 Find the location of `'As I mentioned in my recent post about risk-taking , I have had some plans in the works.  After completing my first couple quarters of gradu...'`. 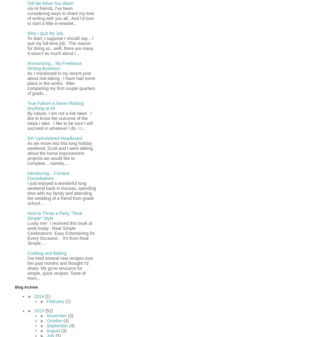

'As I mentioned in my recent post about risk-taking , I have had some plans in the works.  After completing my first couple quarters of gradu...' is located at coordinates (61, 83).